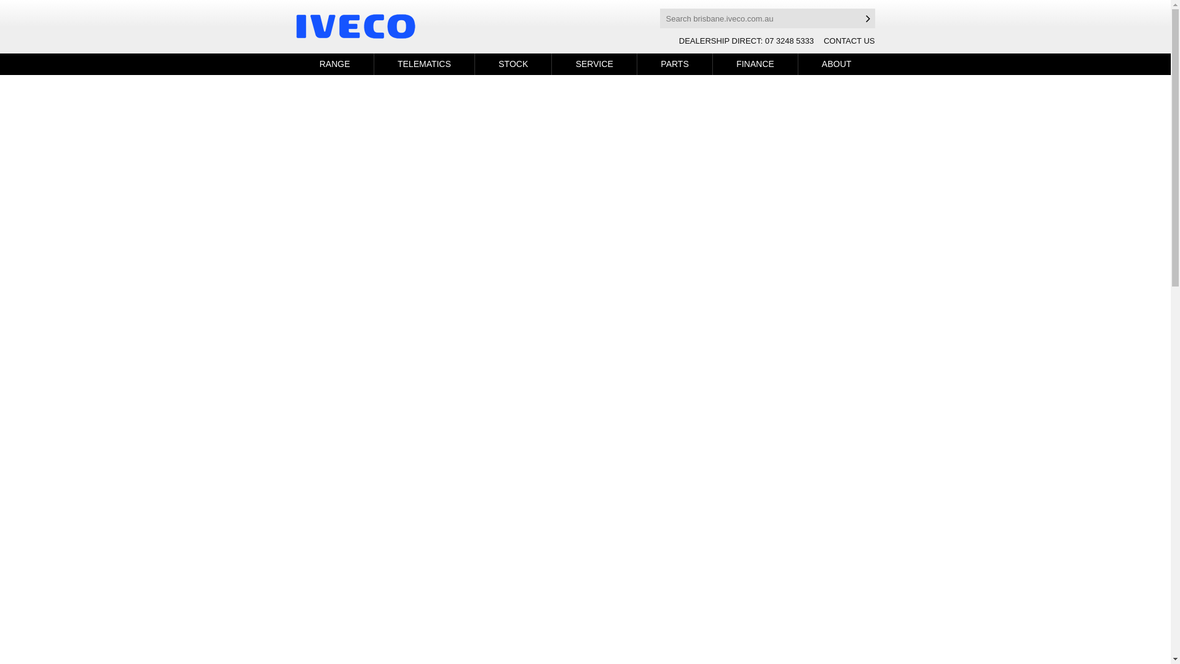 Image resolution: width=1180 pixels, height=664 pixels. What do you see at coordinates (836, 64) in the screenshot?
I see `'ABOUT'` at bounding box center [836, 64].